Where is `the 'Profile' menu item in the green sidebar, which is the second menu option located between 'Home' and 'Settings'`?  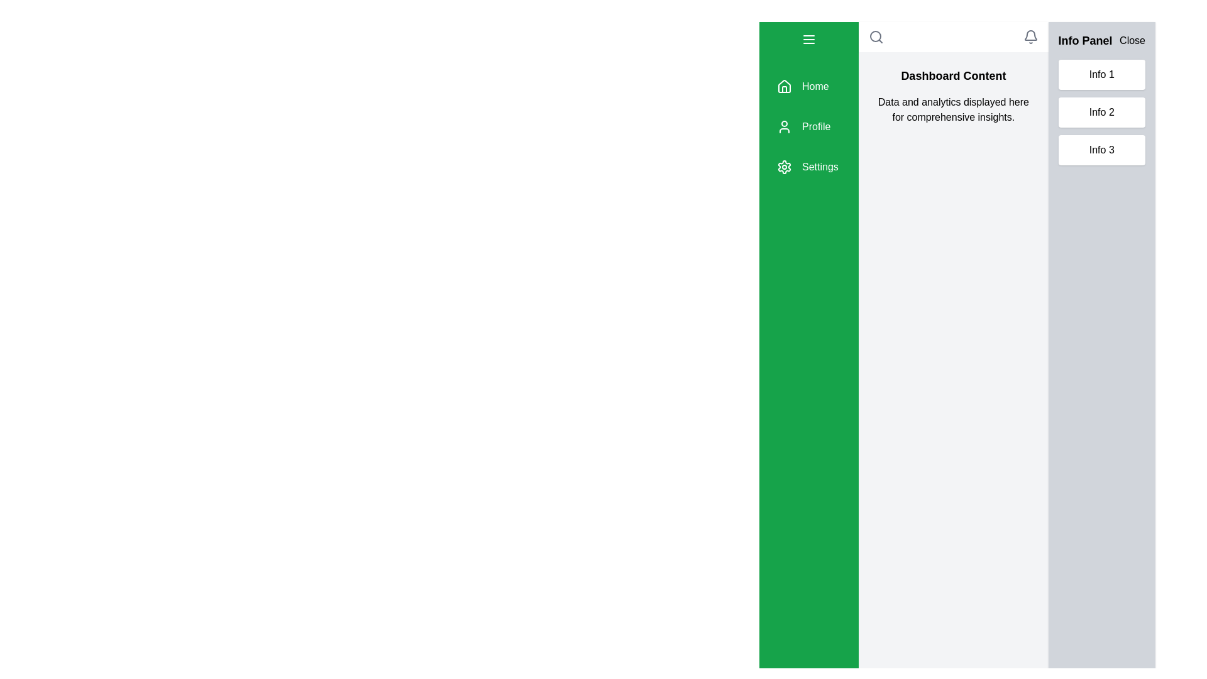
the 'Profile' menu item in the green sidebar, which is the second menu option located between 'Home' and 'Settings' is located at coordinates (809, 126).